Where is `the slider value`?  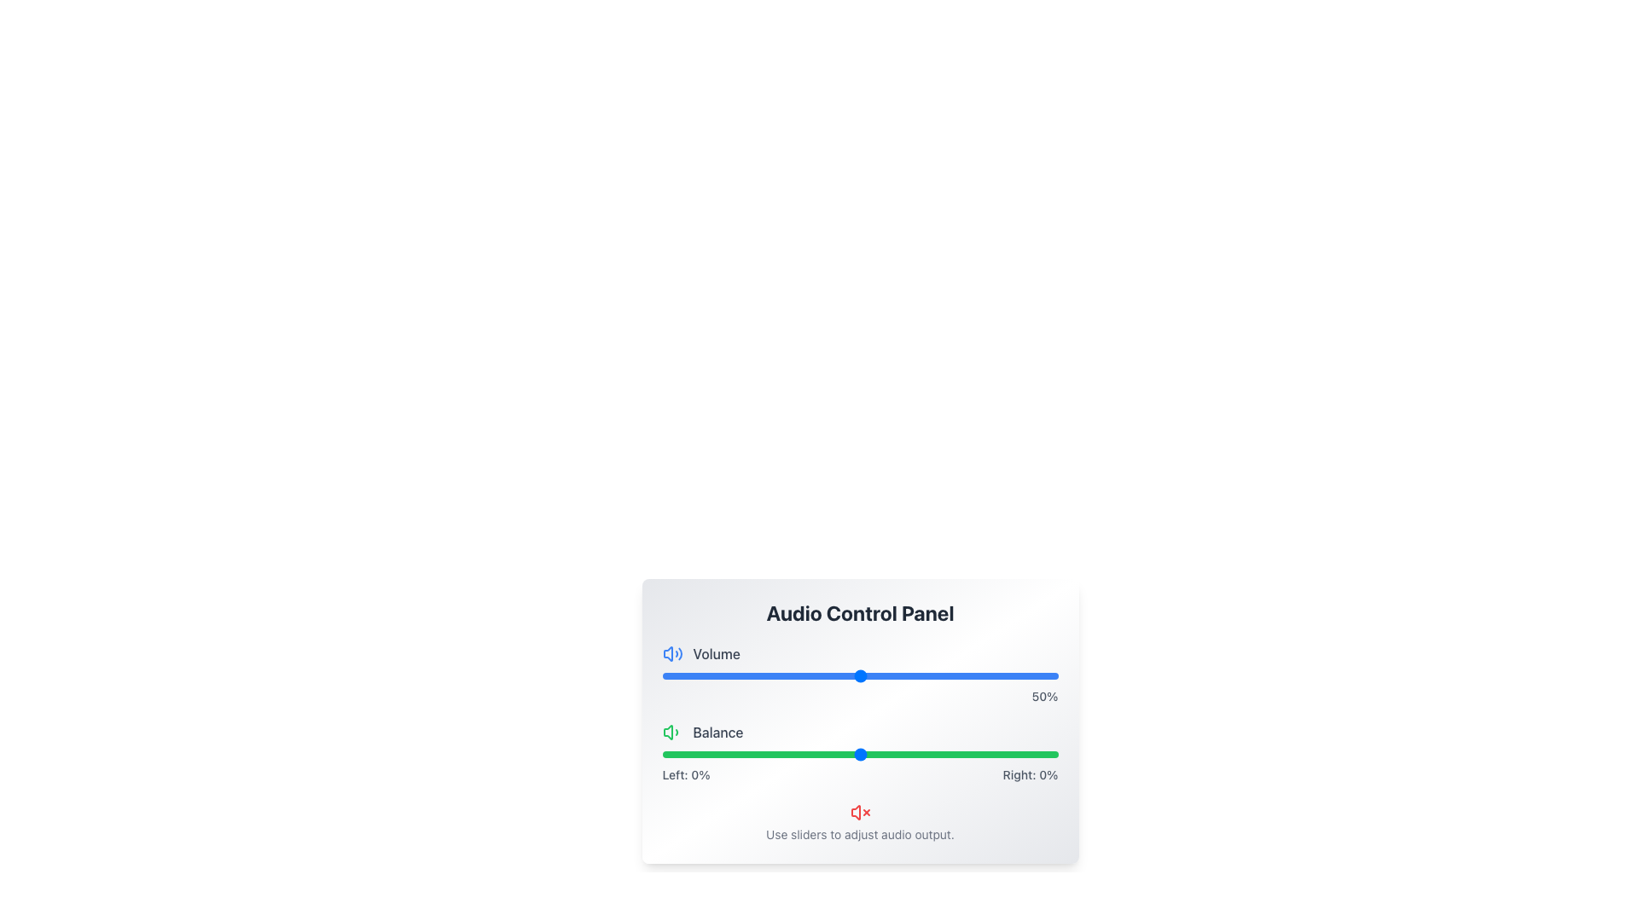
the slider value is located at coordinates (764, 675).